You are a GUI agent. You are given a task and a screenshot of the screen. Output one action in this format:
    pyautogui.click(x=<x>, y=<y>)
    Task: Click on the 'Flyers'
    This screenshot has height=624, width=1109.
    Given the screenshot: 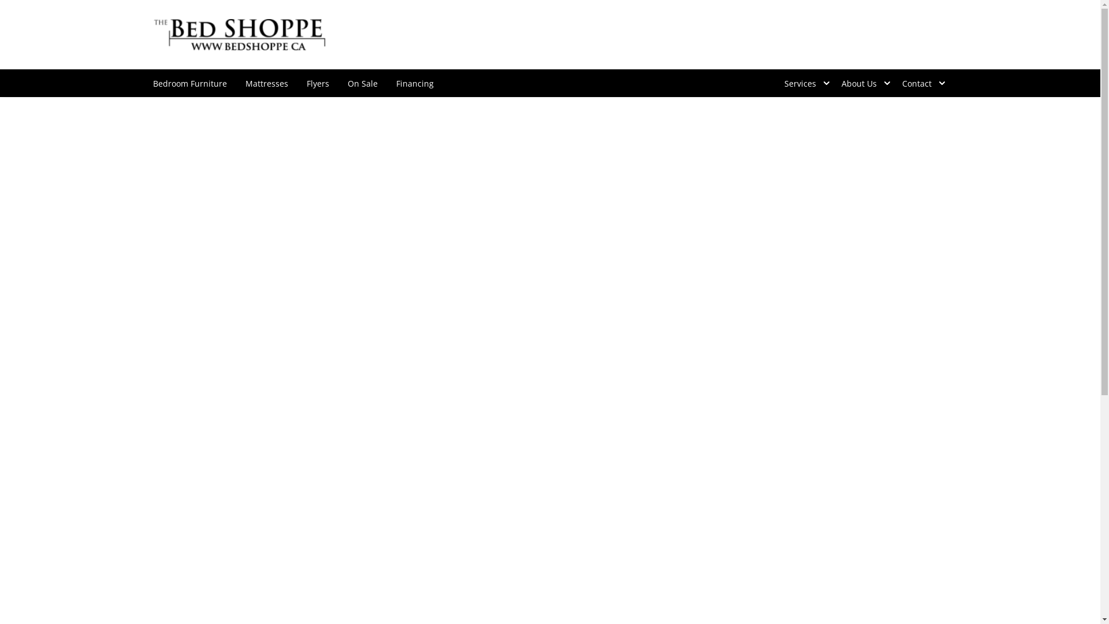 What is the action you would take?
    pyautogui.click(x=317, y=82)
    